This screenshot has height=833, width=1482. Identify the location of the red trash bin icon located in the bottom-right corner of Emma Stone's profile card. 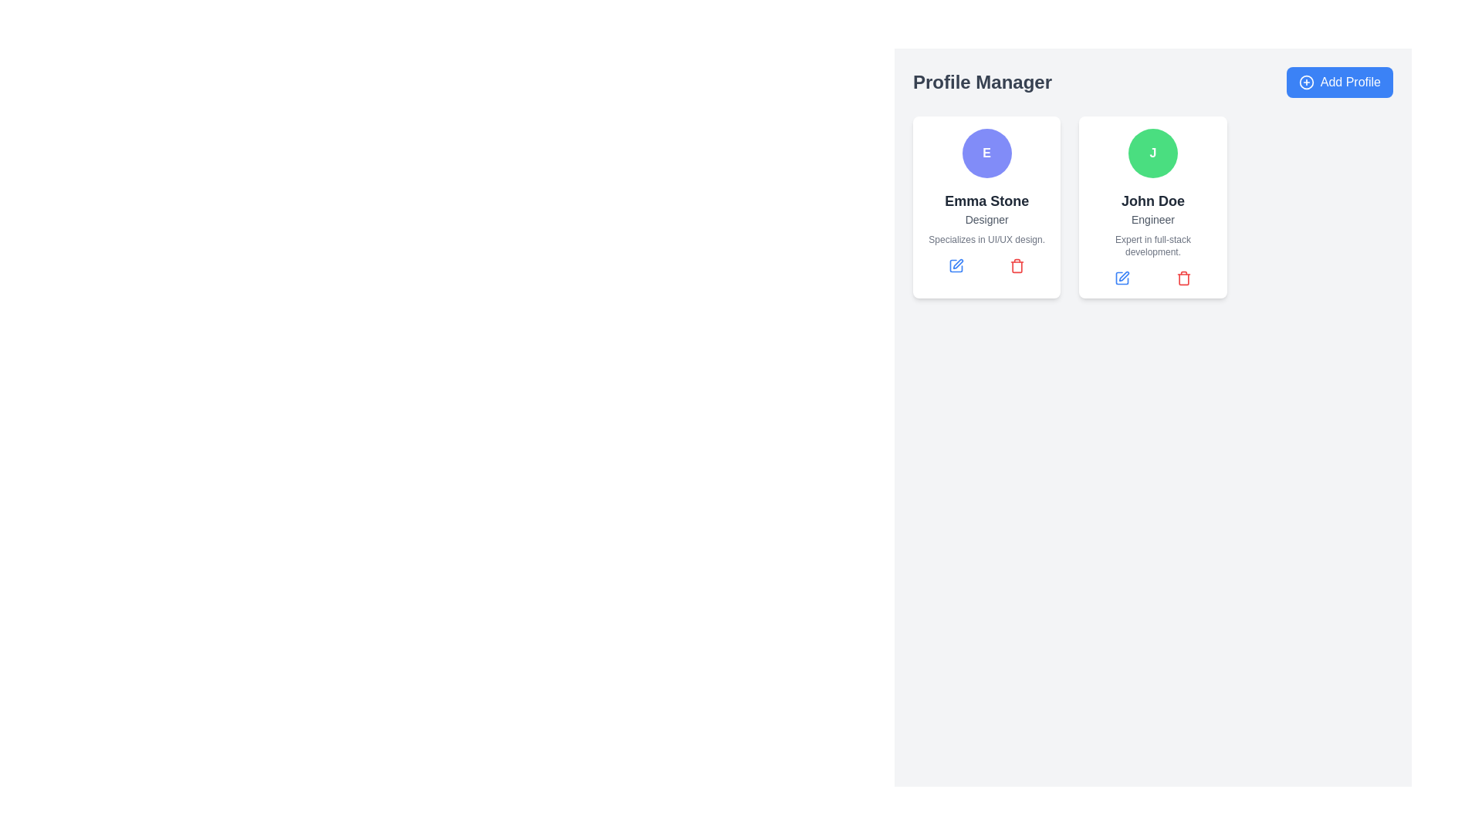
(1017, 265).